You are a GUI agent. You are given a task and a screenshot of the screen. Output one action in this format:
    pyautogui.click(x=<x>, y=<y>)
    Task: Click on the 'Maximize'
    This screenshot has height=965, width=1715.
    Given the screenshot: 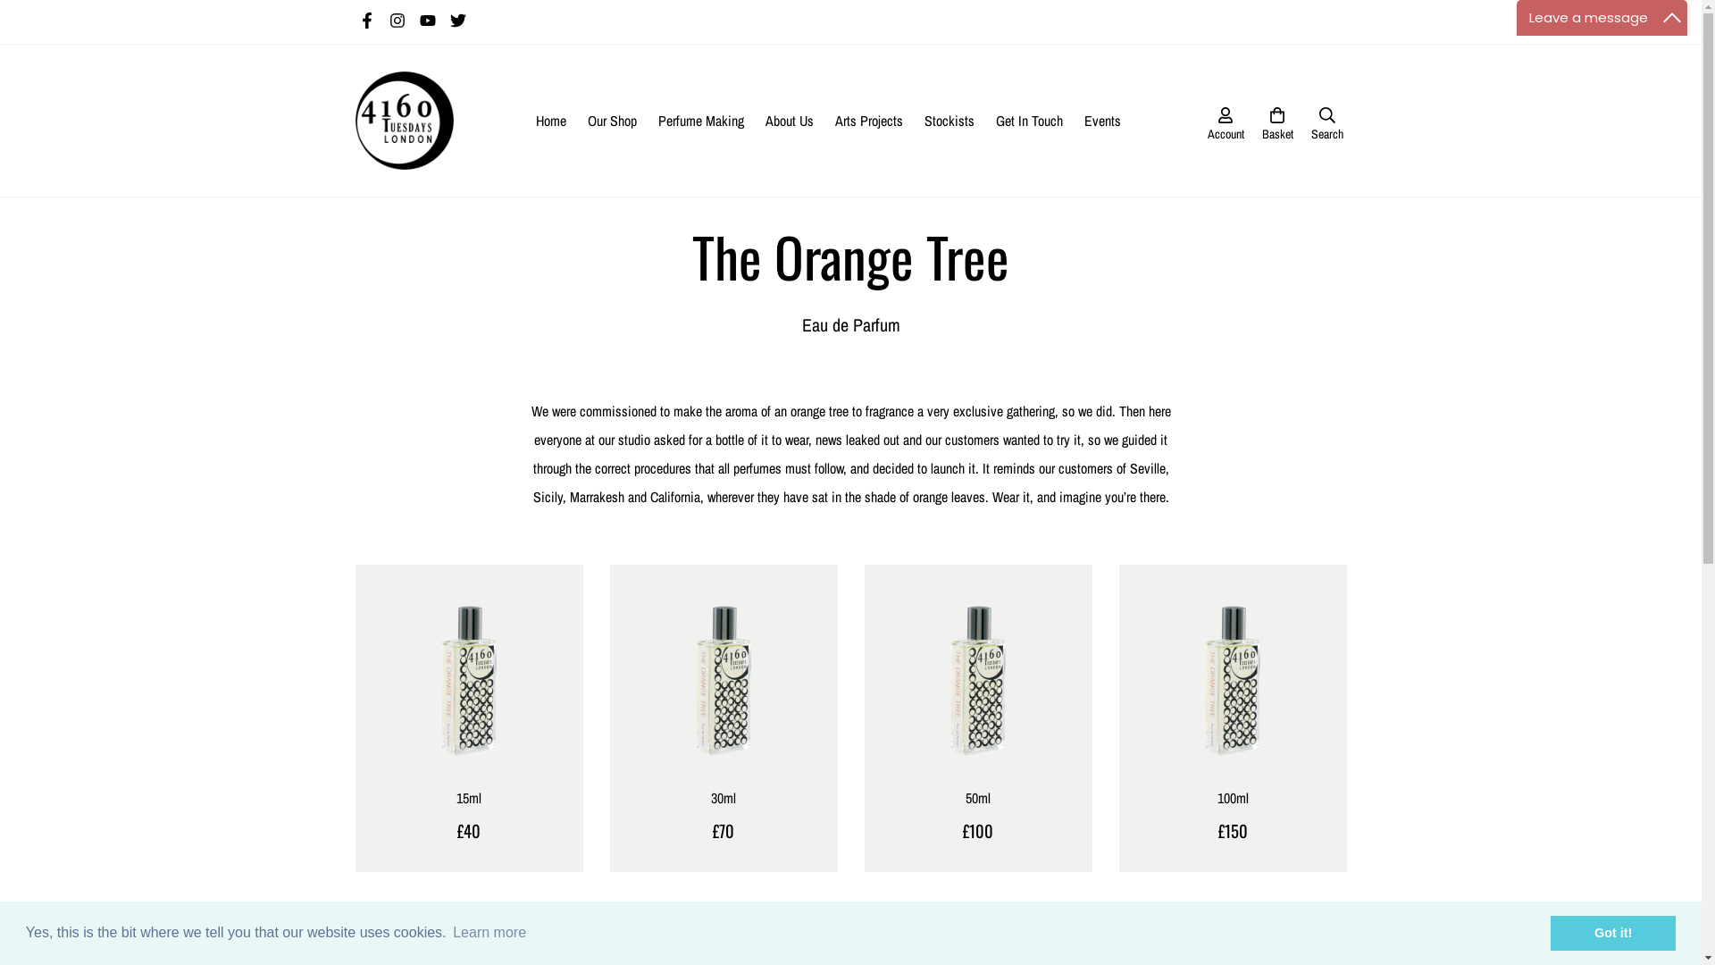 What is the action you would take?
    pyautogui.click(x=1671, y=17)
    